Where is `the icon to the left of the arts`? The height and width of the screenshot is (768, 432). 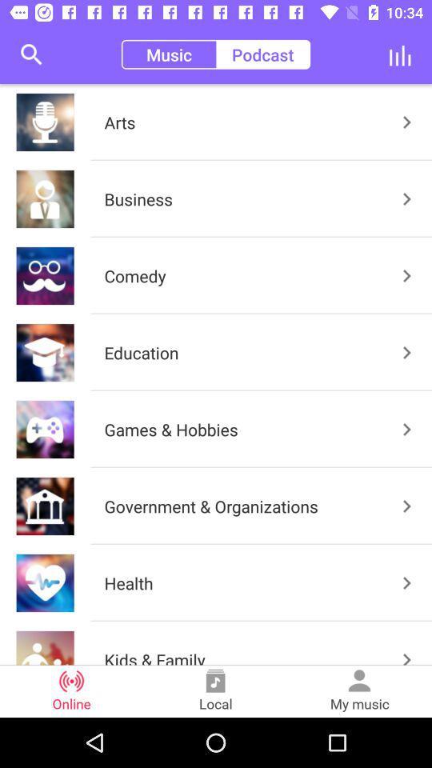
the icon to the left of the arts is located at coordinates (31, 54).